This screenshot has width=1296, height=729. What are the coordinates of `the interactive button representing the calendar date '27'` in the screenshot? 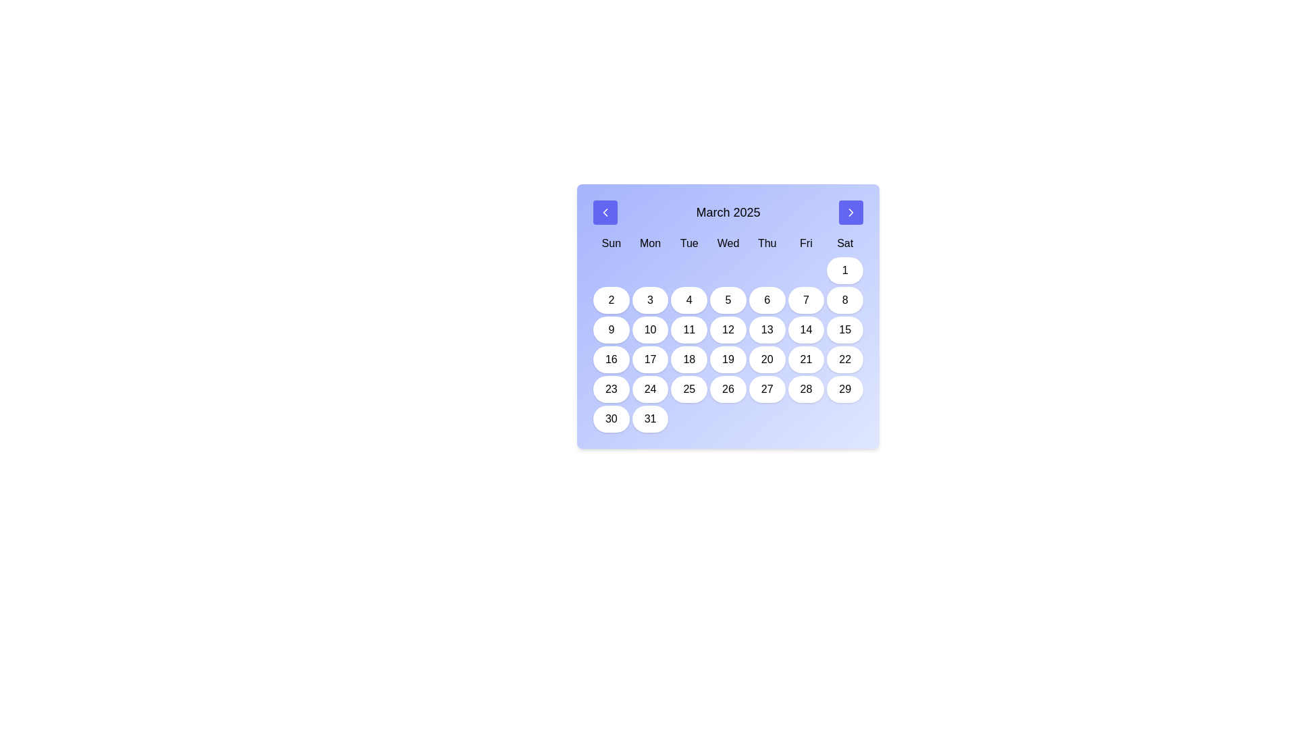 It's located at (767, 389).